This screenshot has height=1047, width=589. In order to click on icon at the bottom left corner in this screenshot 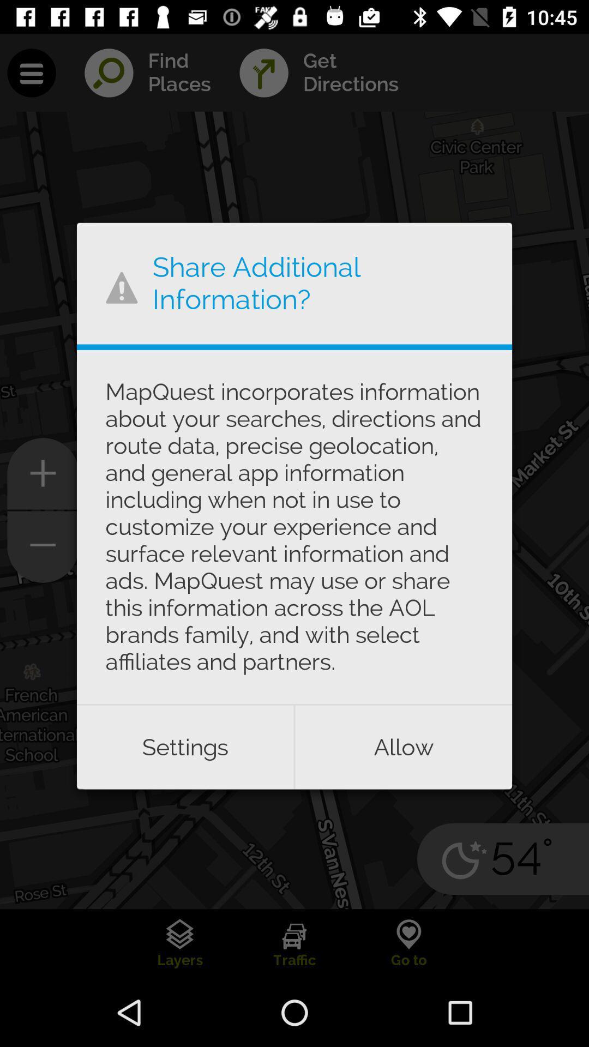, I will do `click(184, 747)`.